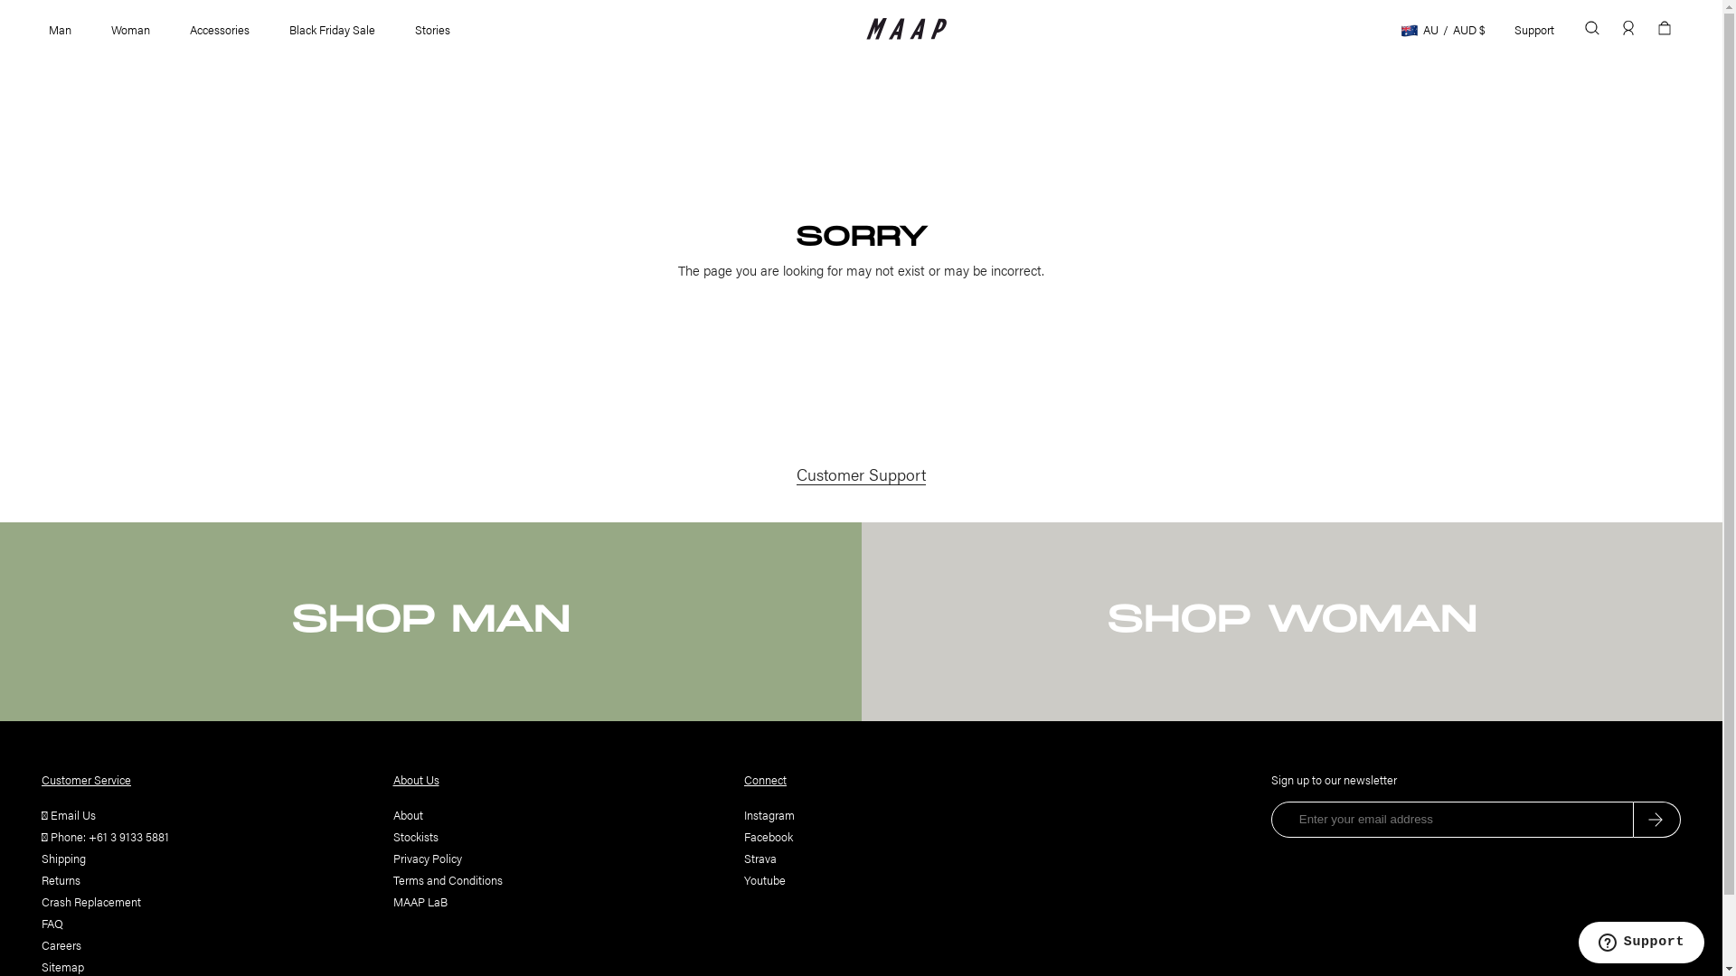 The image size is (1736, 976). I want to click on 'Customer Support', so click(860, 473).